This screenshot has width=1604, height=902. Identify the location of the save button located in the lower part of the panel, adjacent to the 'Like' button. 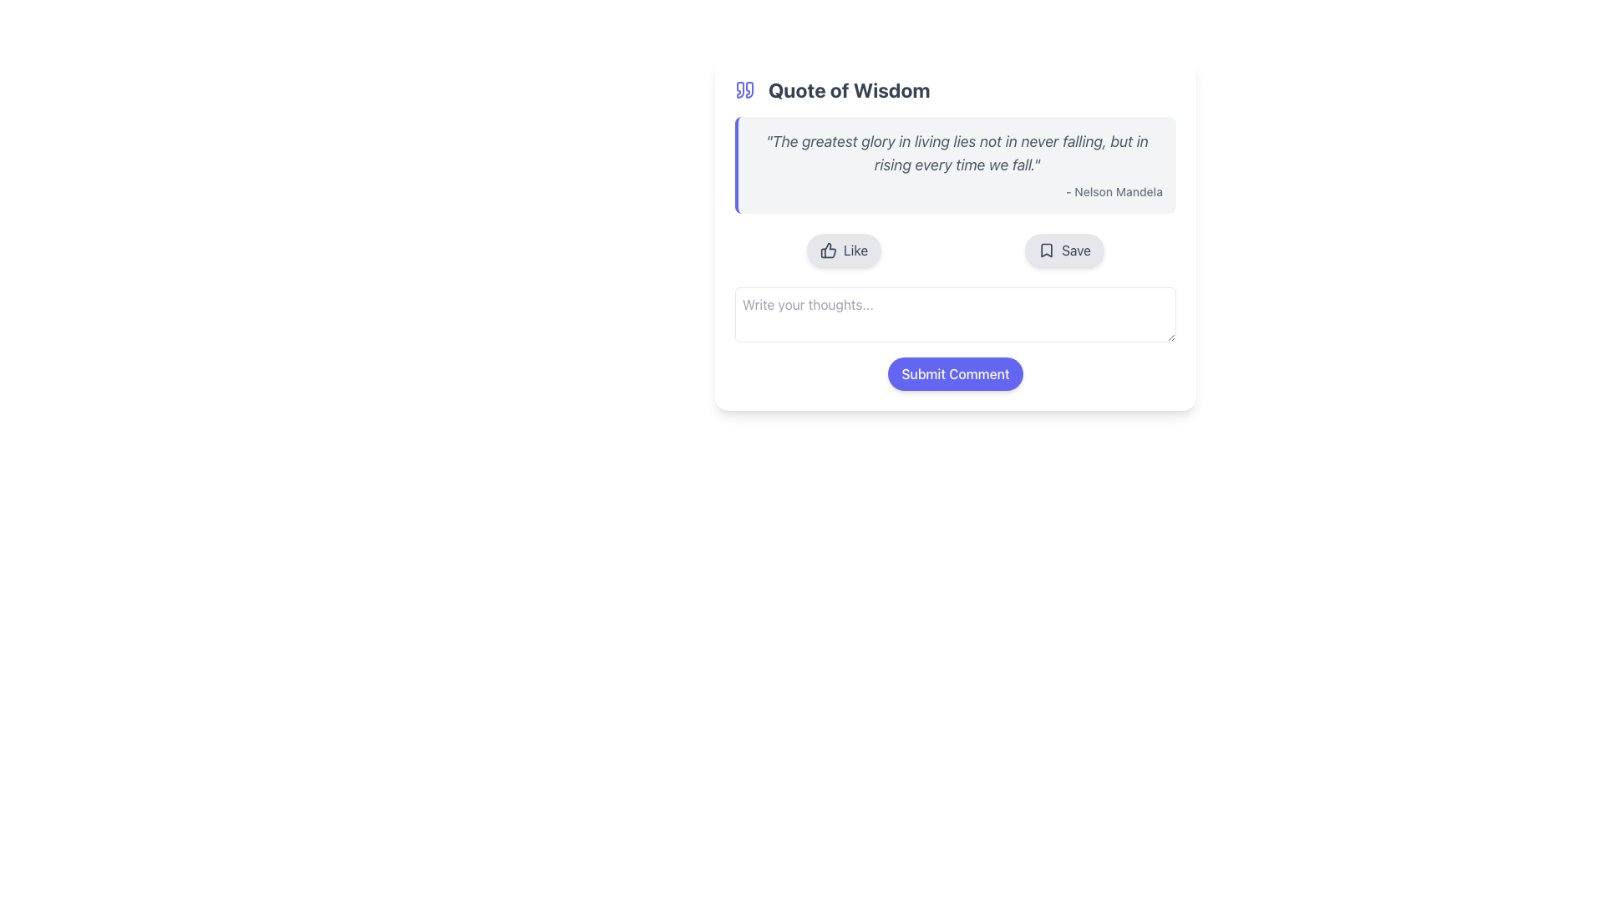
(1063, 251).